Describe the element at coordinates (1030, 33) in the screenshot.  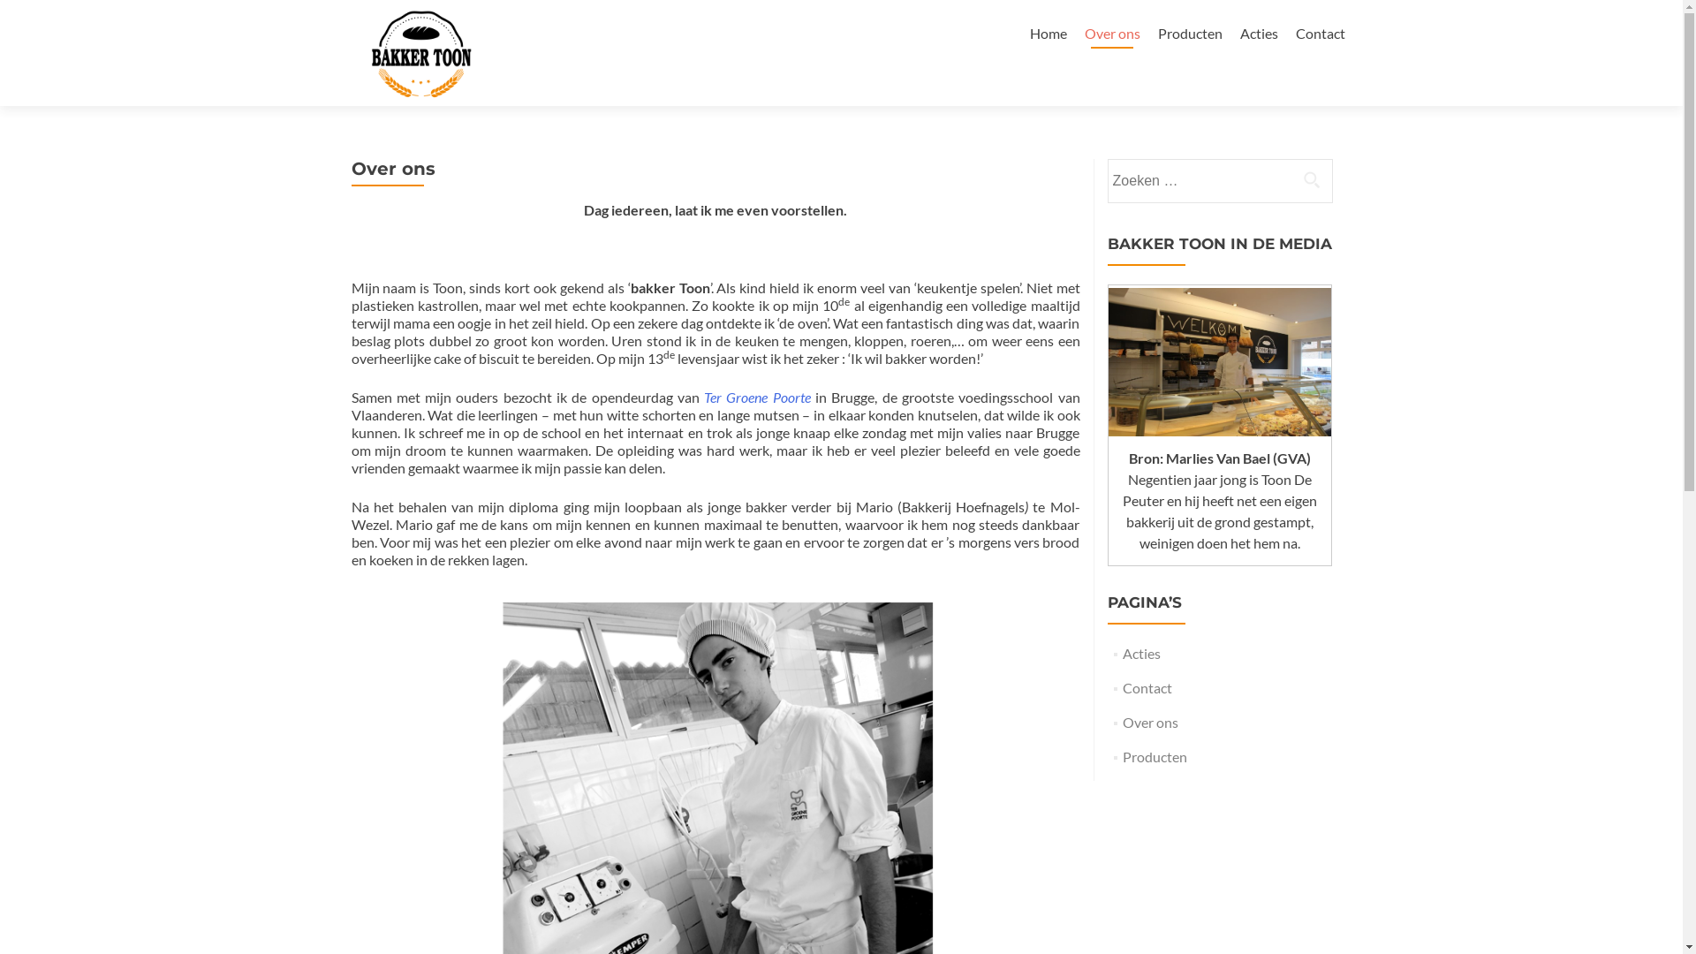
I see `'Home'` at that location.